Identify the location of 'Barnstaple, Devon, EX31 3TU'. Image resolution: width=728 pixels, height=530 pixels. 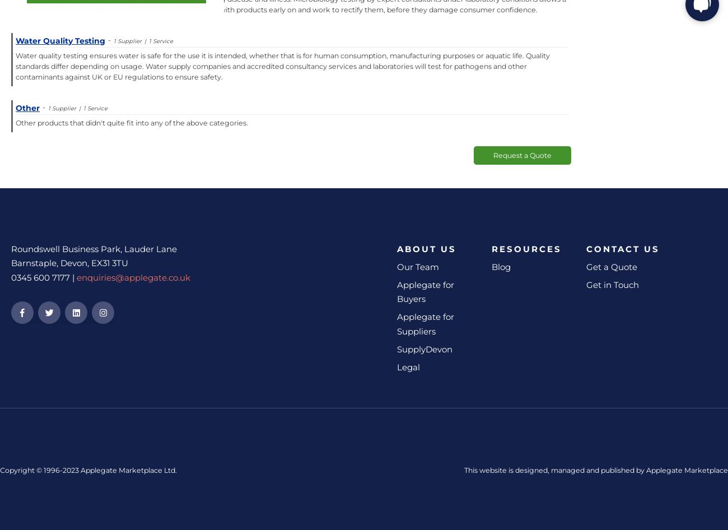
(11, 262).